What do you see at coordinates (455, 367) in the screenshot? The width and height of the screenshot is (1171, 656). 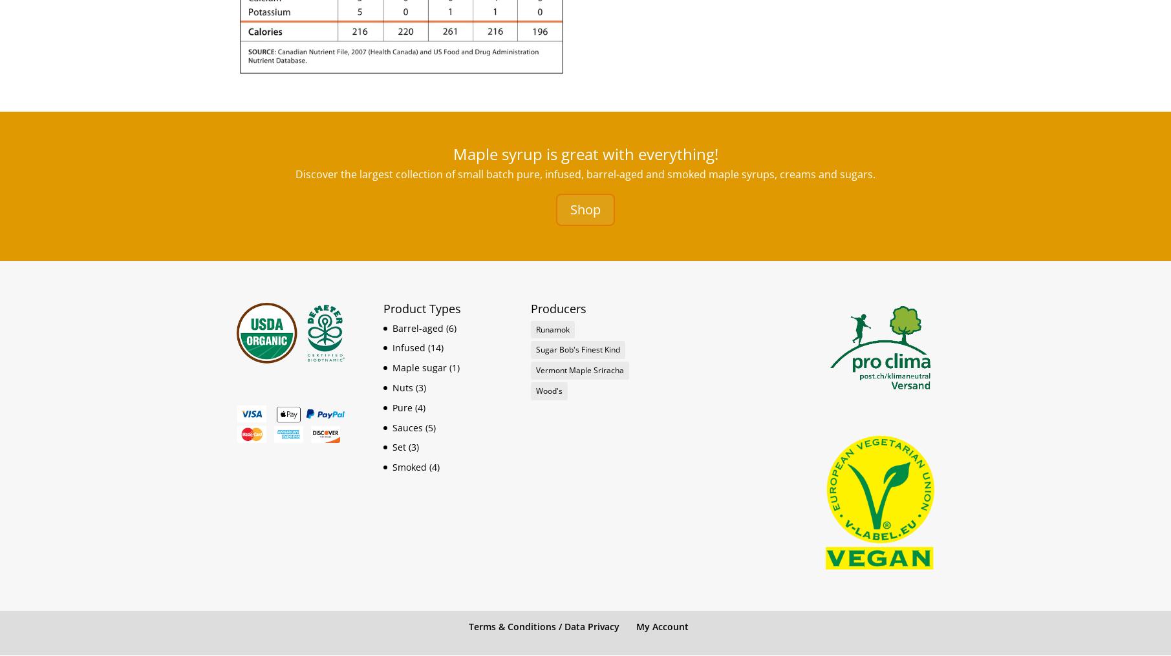 I see `'(1)'` at bounding box center [455, 367].